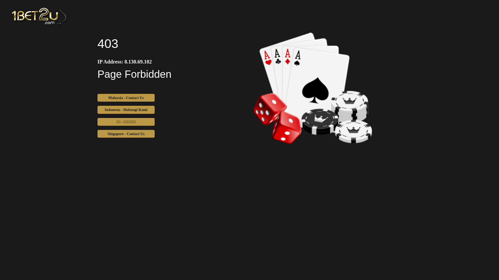  Describe the element at coordinates (126, 109) in the screenshot. I see `'Indonesia - Hubungi Kami'` at that location.